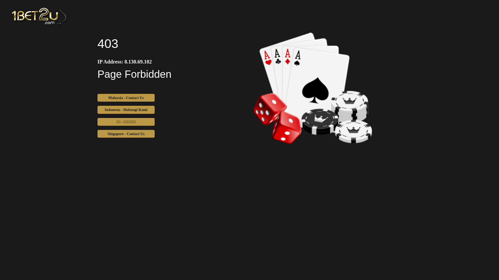  Describe the element at coordinates (126, 109) in the screenshot. I see `'Indonesia - Hubungi Kami'` at that location.